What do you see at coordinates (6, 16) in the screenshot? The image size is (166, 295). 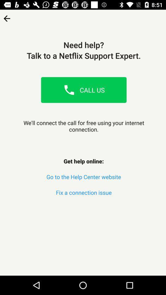 I see `the arrow_backward icon` at bounding box center [6, 16].